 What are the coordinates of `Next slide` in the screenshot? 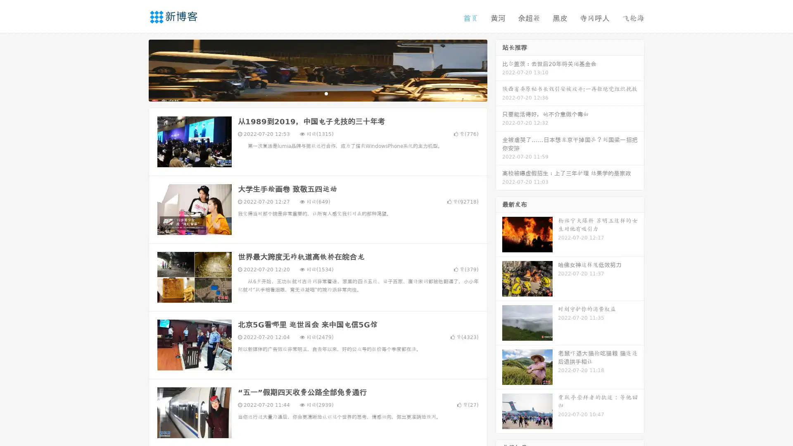 It's located at (499, 69).